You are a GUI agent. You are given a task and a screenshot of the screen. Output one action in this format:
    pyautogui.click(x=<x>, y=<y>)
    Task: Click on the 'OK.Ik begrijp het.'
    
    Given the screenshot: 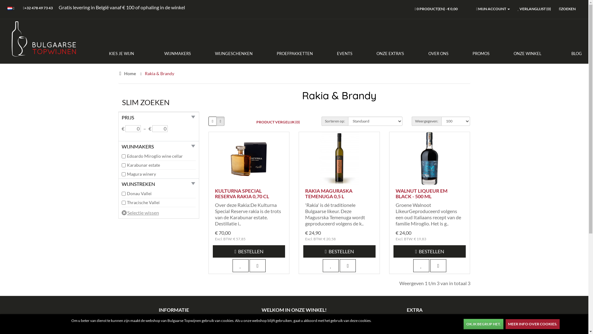 What is the action you would take?
    pyautogui.click(x=483, y=324)
    